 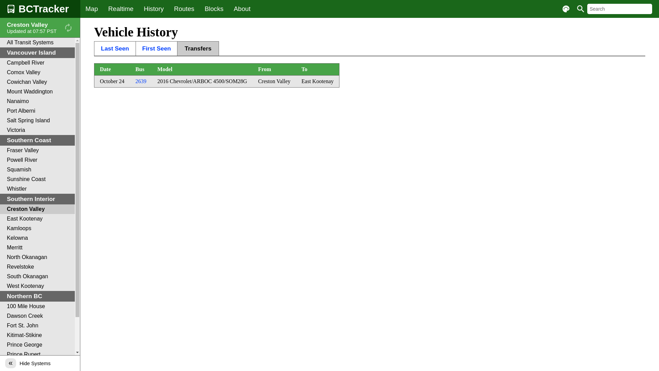 I want to click on 'Last Seen', so click(x=115, y=48).